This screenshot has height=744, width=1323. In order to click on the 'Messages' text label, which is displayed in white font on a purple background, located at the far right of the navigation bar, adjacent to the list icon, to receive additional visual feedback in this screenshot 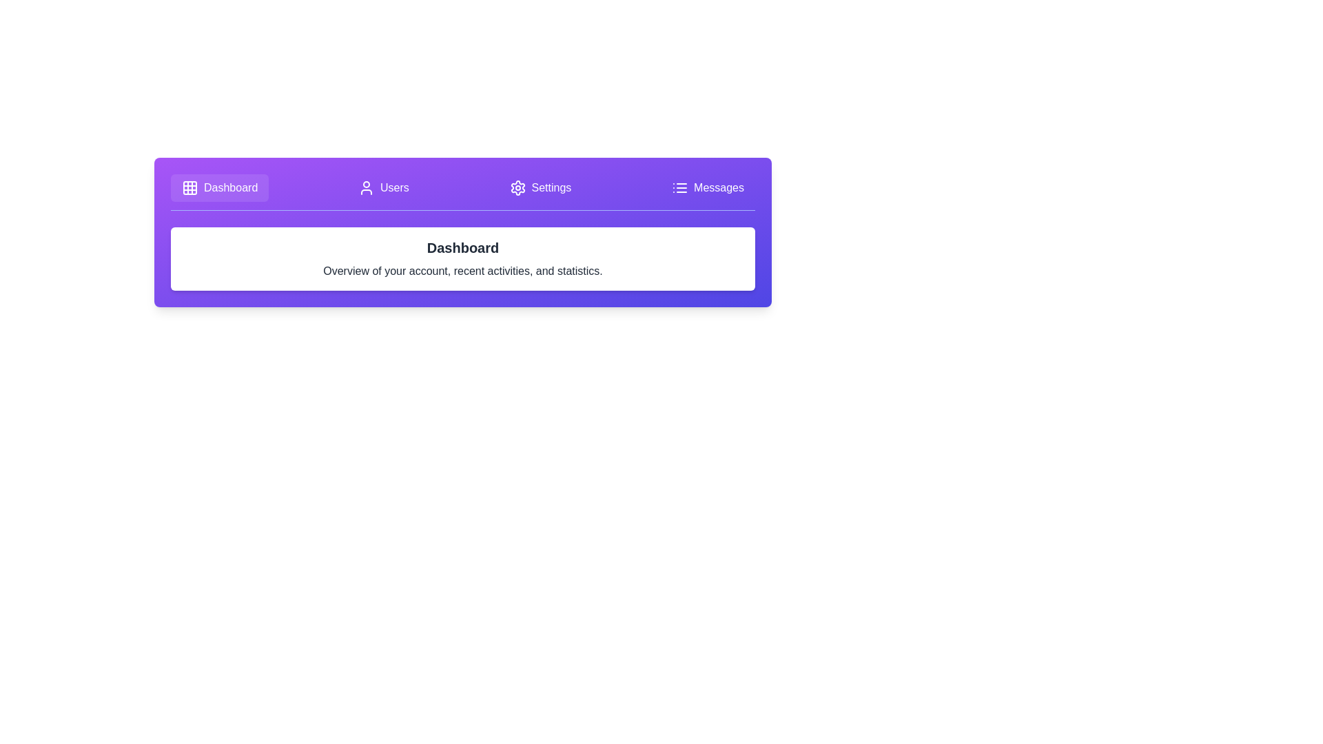, I will do `click(718, 188)`.